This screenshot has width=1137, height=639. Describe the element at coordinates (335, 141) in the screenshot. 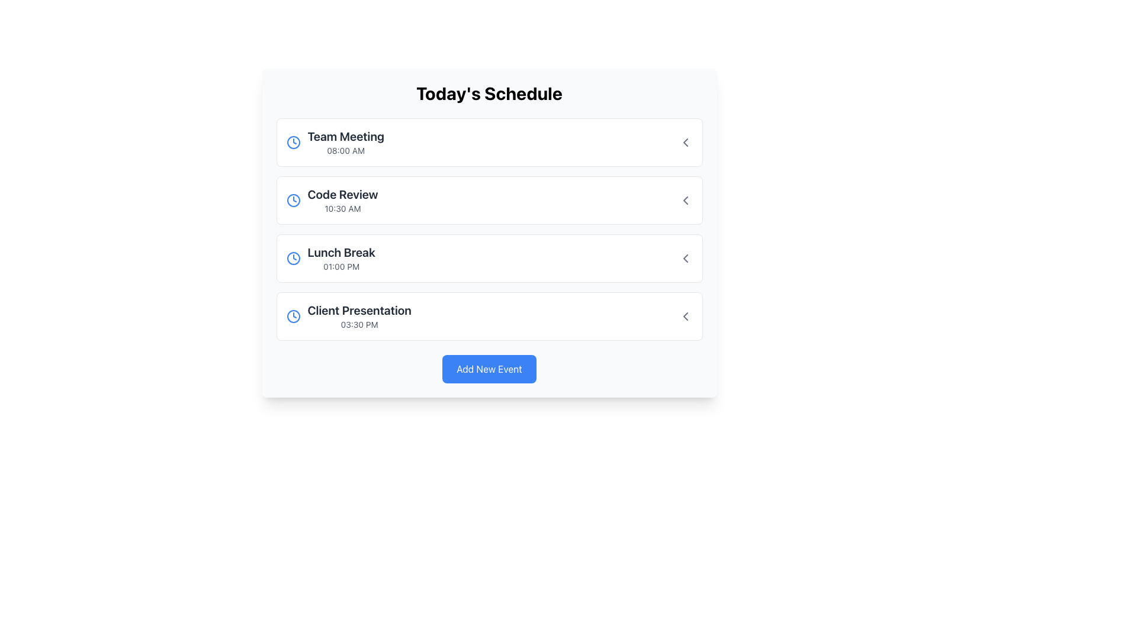

I see `details of the Event listing item displaying the clock icon, bold text 'Team Meeting', and smaller text '08:00 AM', located at the top of the 'Today's Schedule' list` at that location.